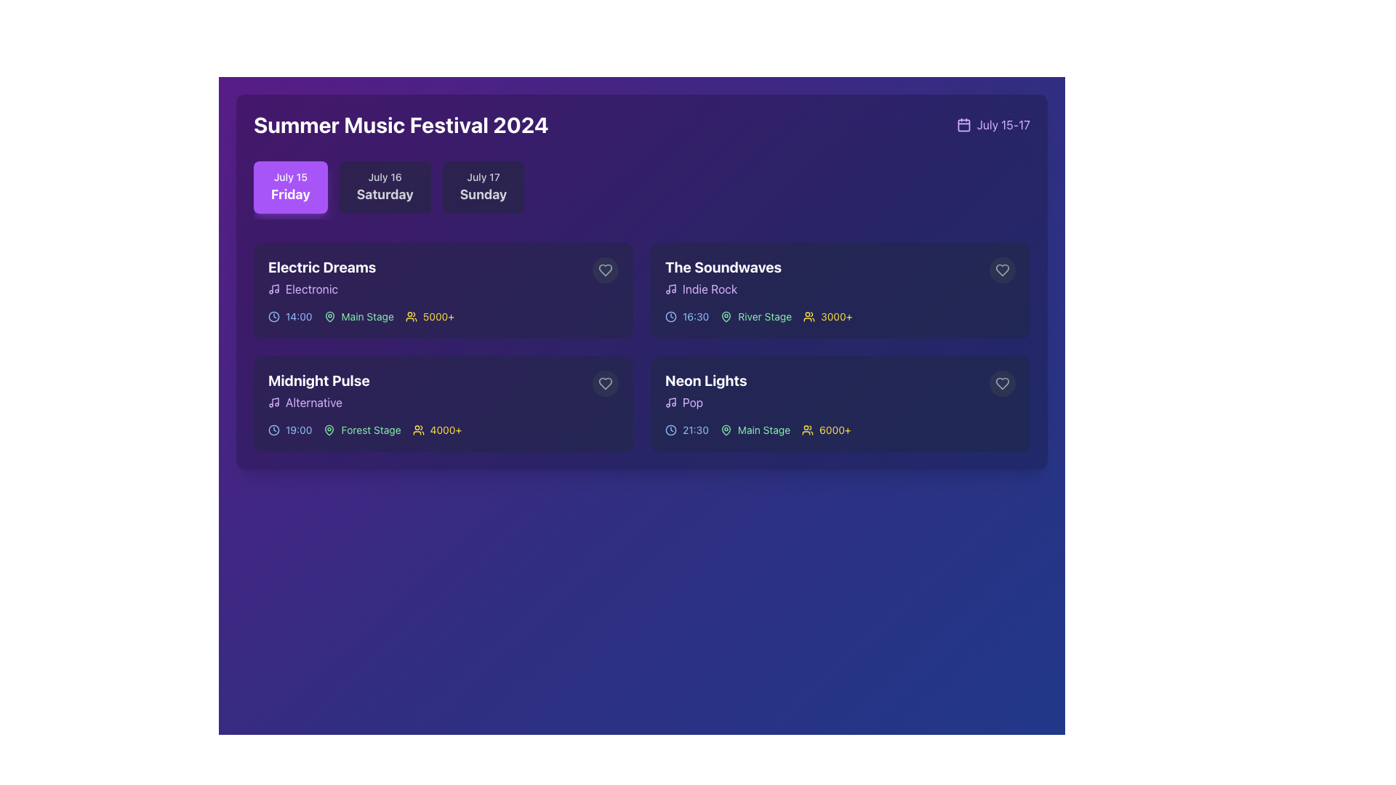  Describe the element at coordinates (274, 429) in the screenshot. I see `the clock icon located to the immediate left of the '19:00' time label under the 'Midnight Pulse' event section` at that location.